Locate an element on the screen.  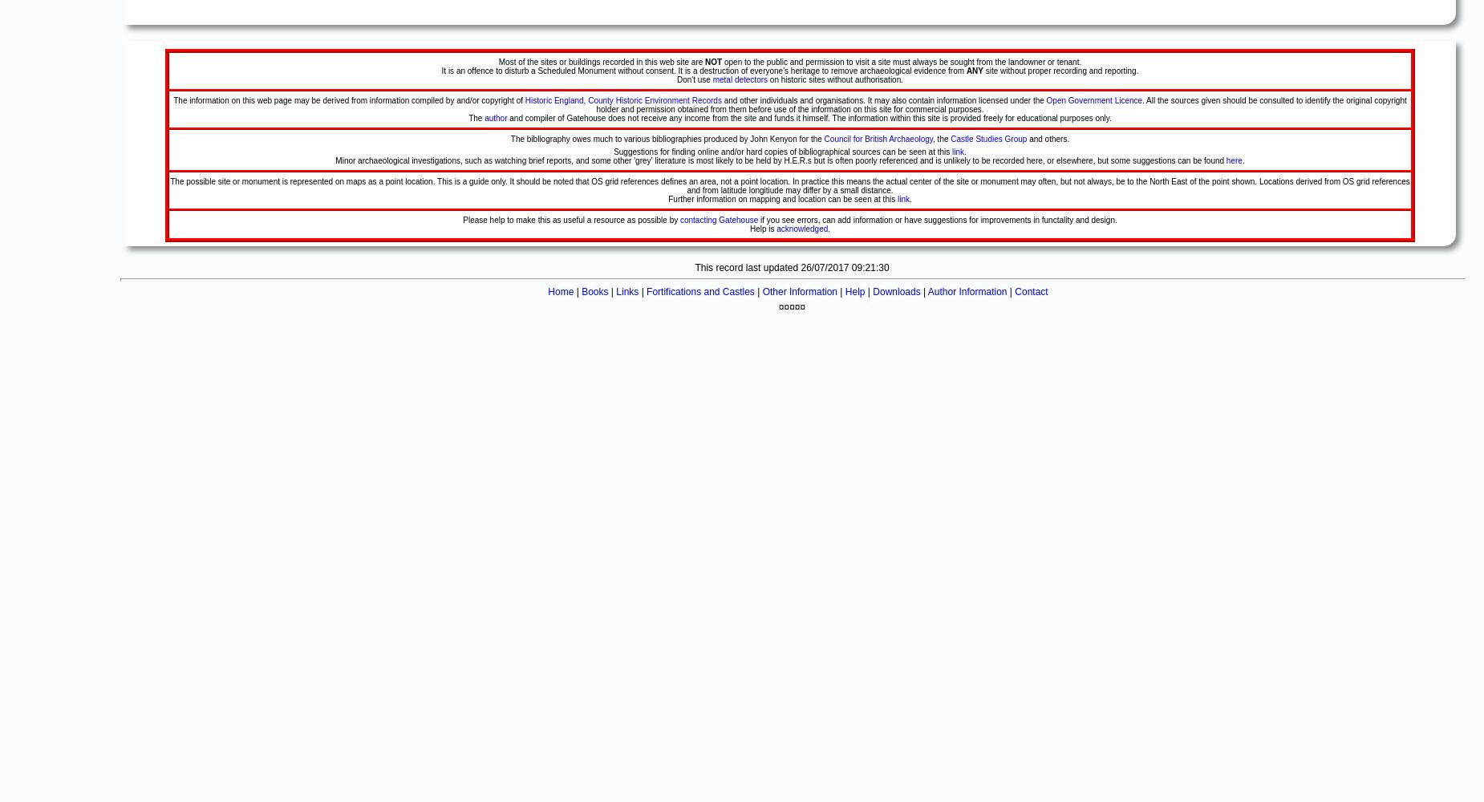
'County Historic Environment Records' is located at coordinates (587, 100).